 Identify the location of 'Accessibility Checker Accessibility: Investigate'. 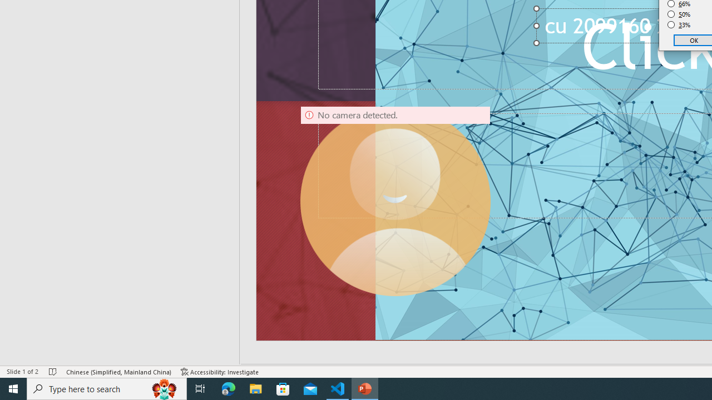
(220, 372).